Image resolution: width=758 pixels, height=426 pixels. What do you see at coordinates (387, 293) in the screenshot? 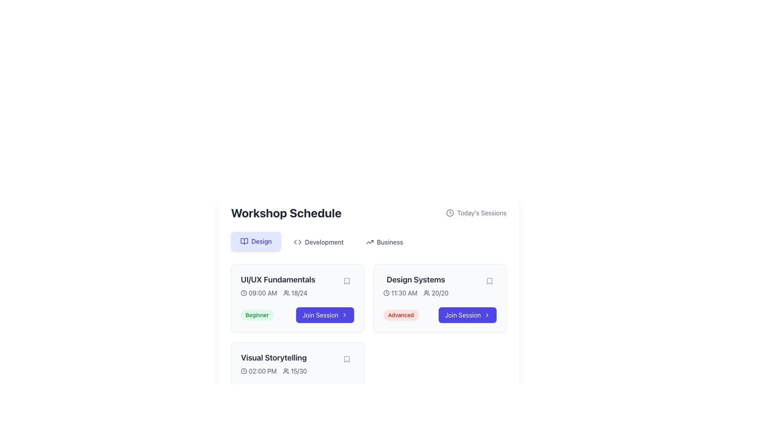
I see `the circular decorative element of the clock icon located at the center of the clock design in the 'Design Systems' session card` at bounding box center [387, 293].